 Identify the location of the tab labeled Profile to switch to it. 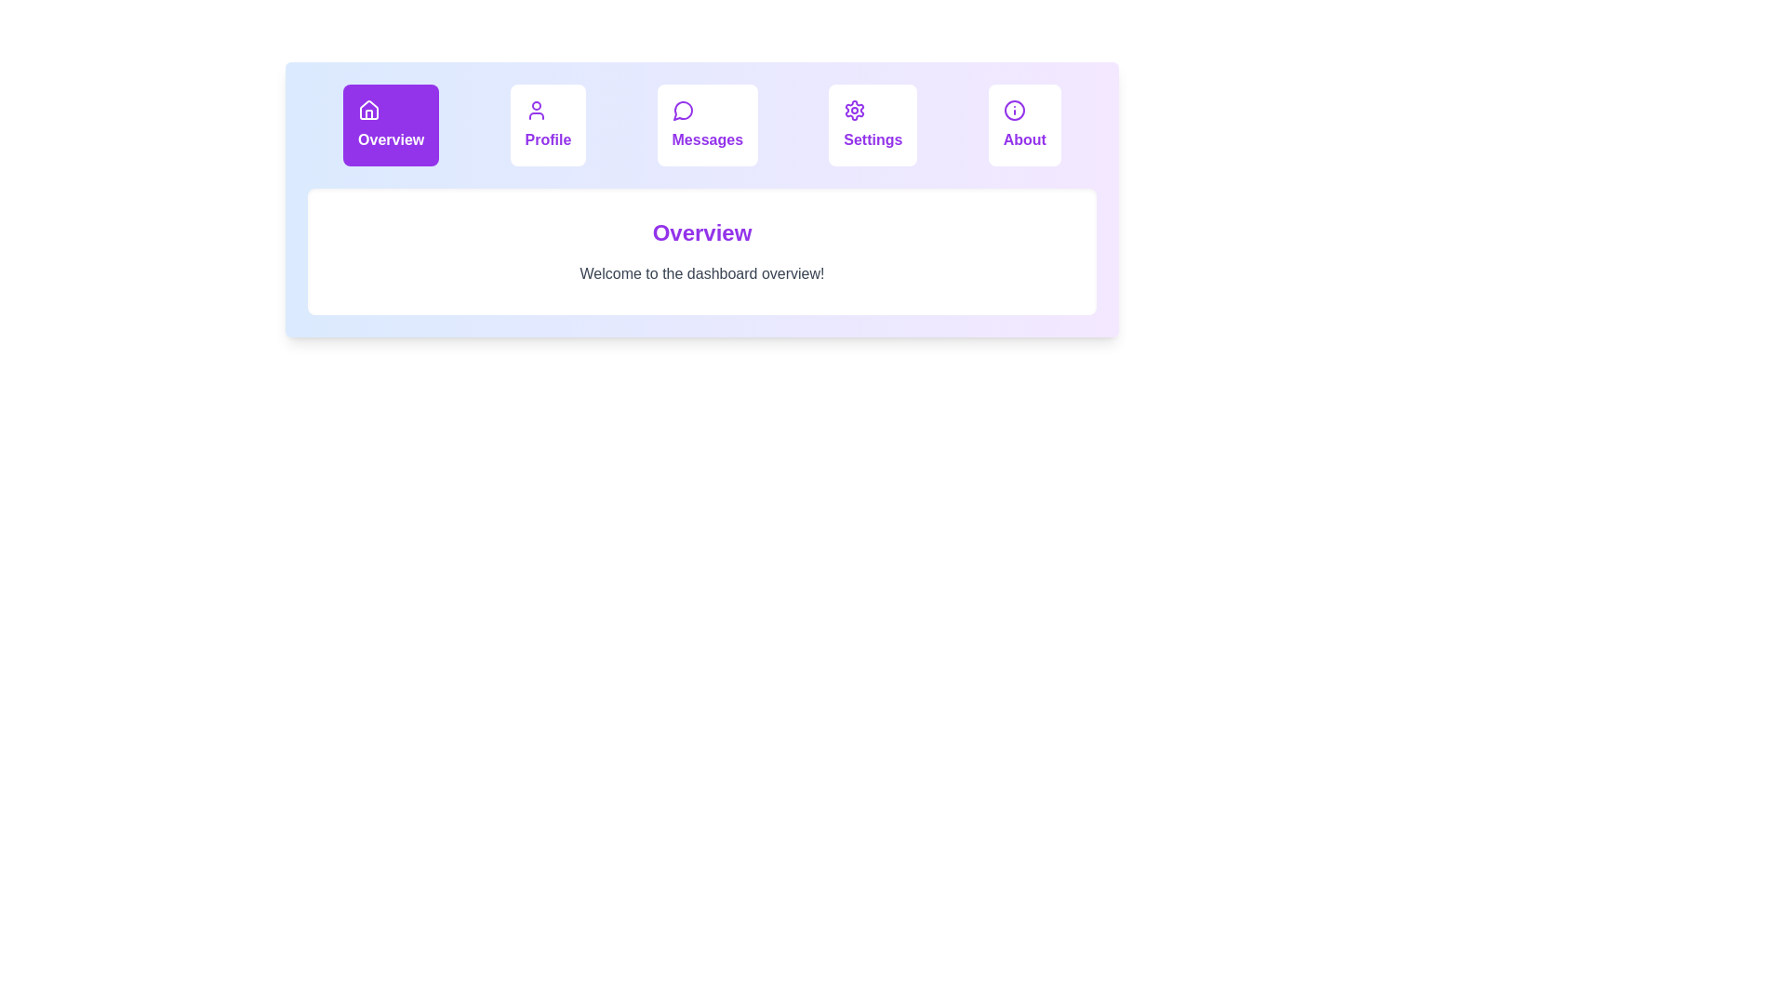
(547, 125).